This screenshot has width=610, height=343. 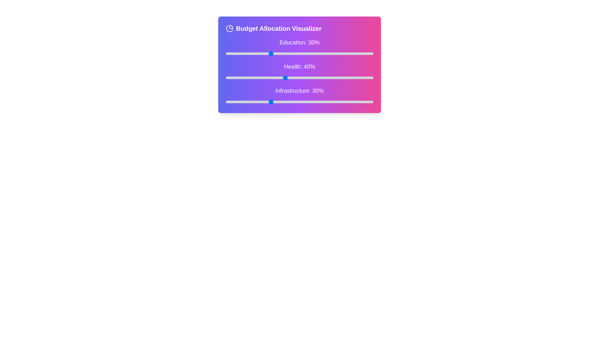 What do you see at coordinates (299, 28) in the screenshot?
I see `the Label with an Icon displaying 'Budget Allocation Visualizer', which includes a pie-chart icon and has a gradient background` at bounding box center [299, 28].